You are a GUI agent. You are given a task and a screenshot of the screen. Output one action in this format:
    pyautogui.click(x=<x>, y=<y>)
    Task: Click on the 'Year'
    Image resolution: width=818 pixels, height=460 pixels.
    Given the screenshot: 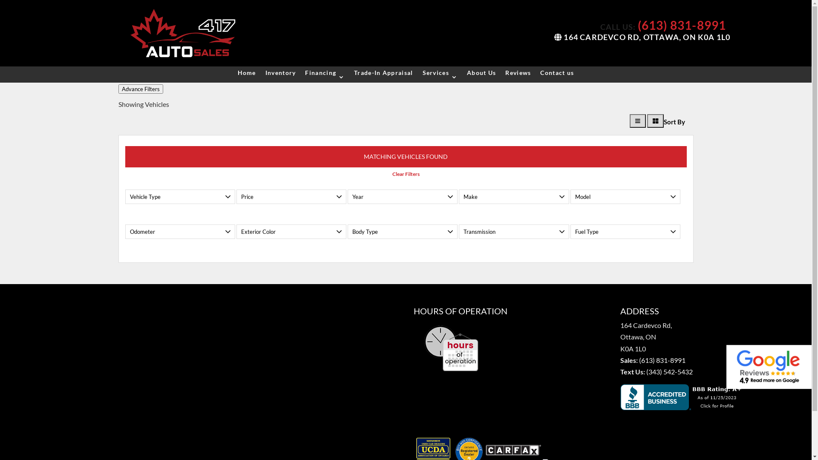 What is the action you would take?
    pyautogui.click(x=402, y=197)
    